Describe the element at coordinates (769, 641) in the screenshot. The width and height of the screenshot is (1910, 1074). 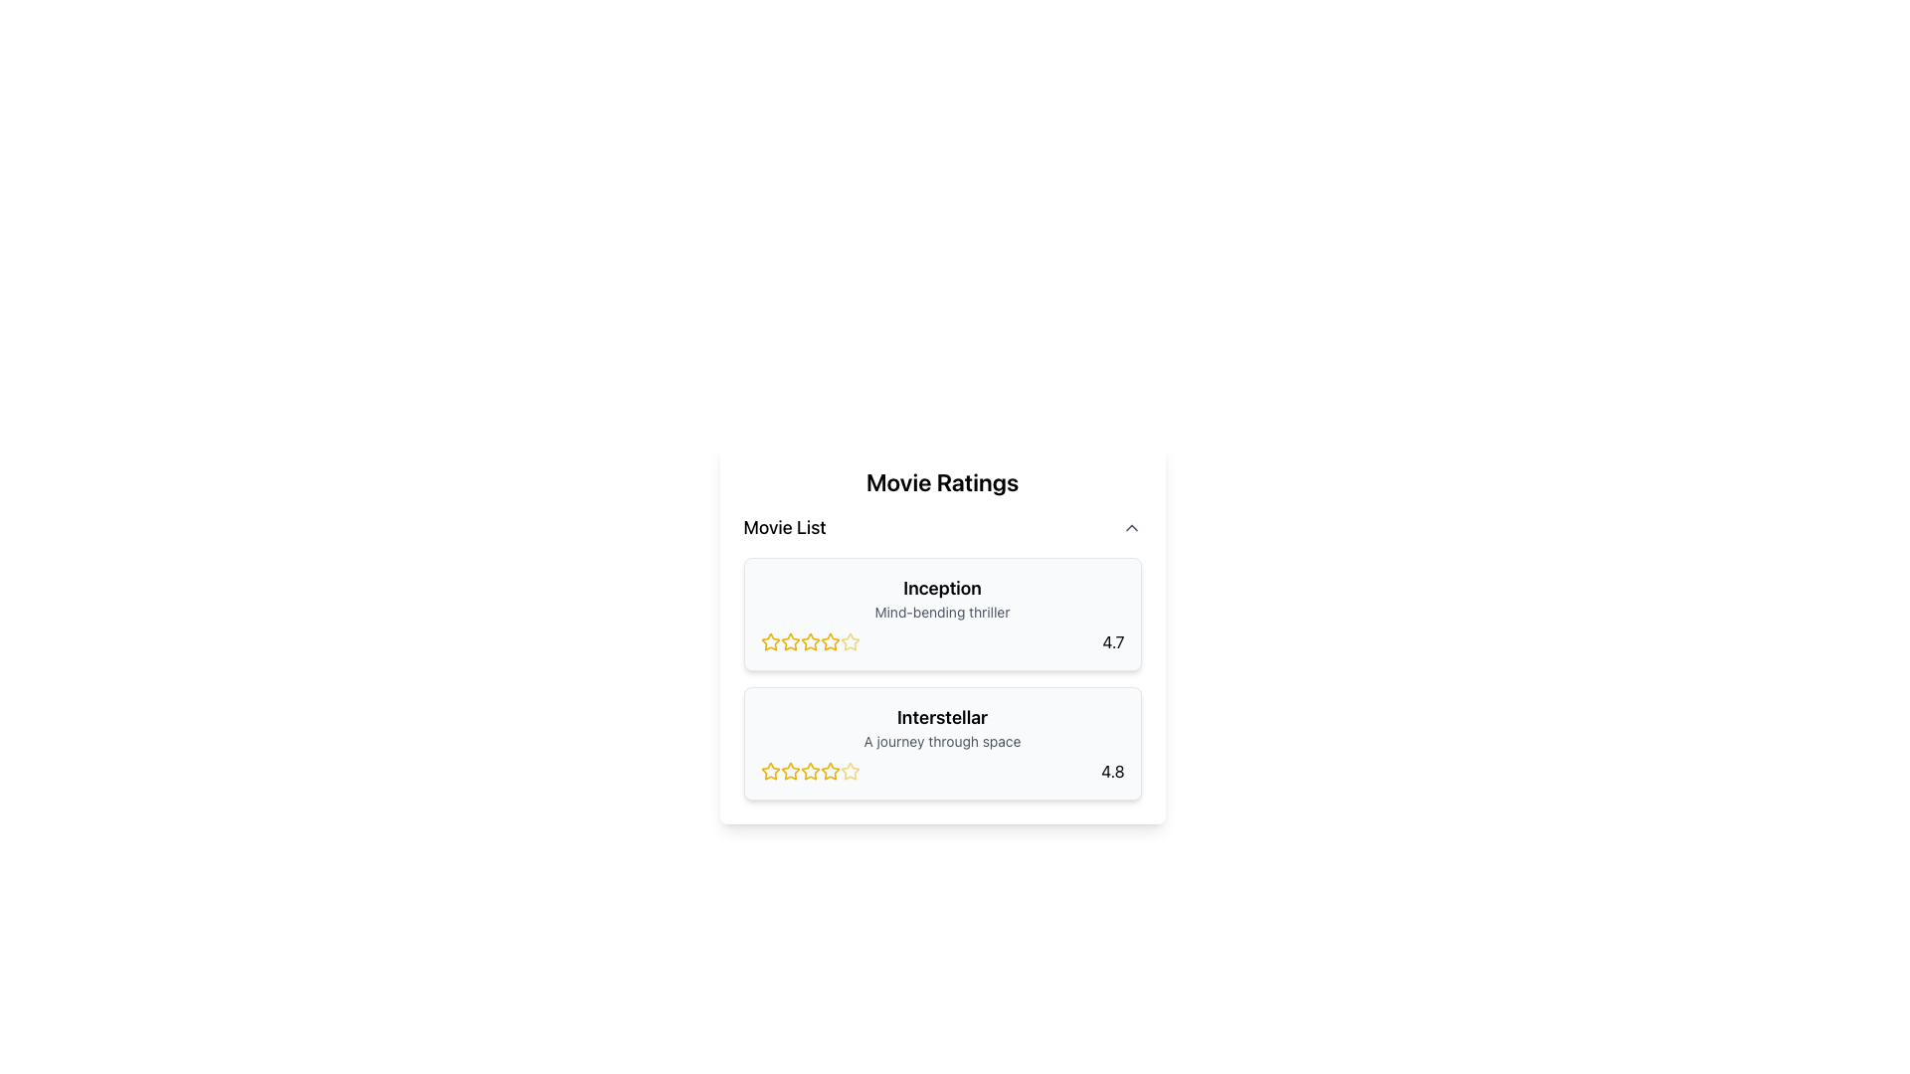
I see `the yellow star-shaped icon for rating located beneath the movie title 'Inception' in the first card of the 'Movie Ratings' section` at that location.